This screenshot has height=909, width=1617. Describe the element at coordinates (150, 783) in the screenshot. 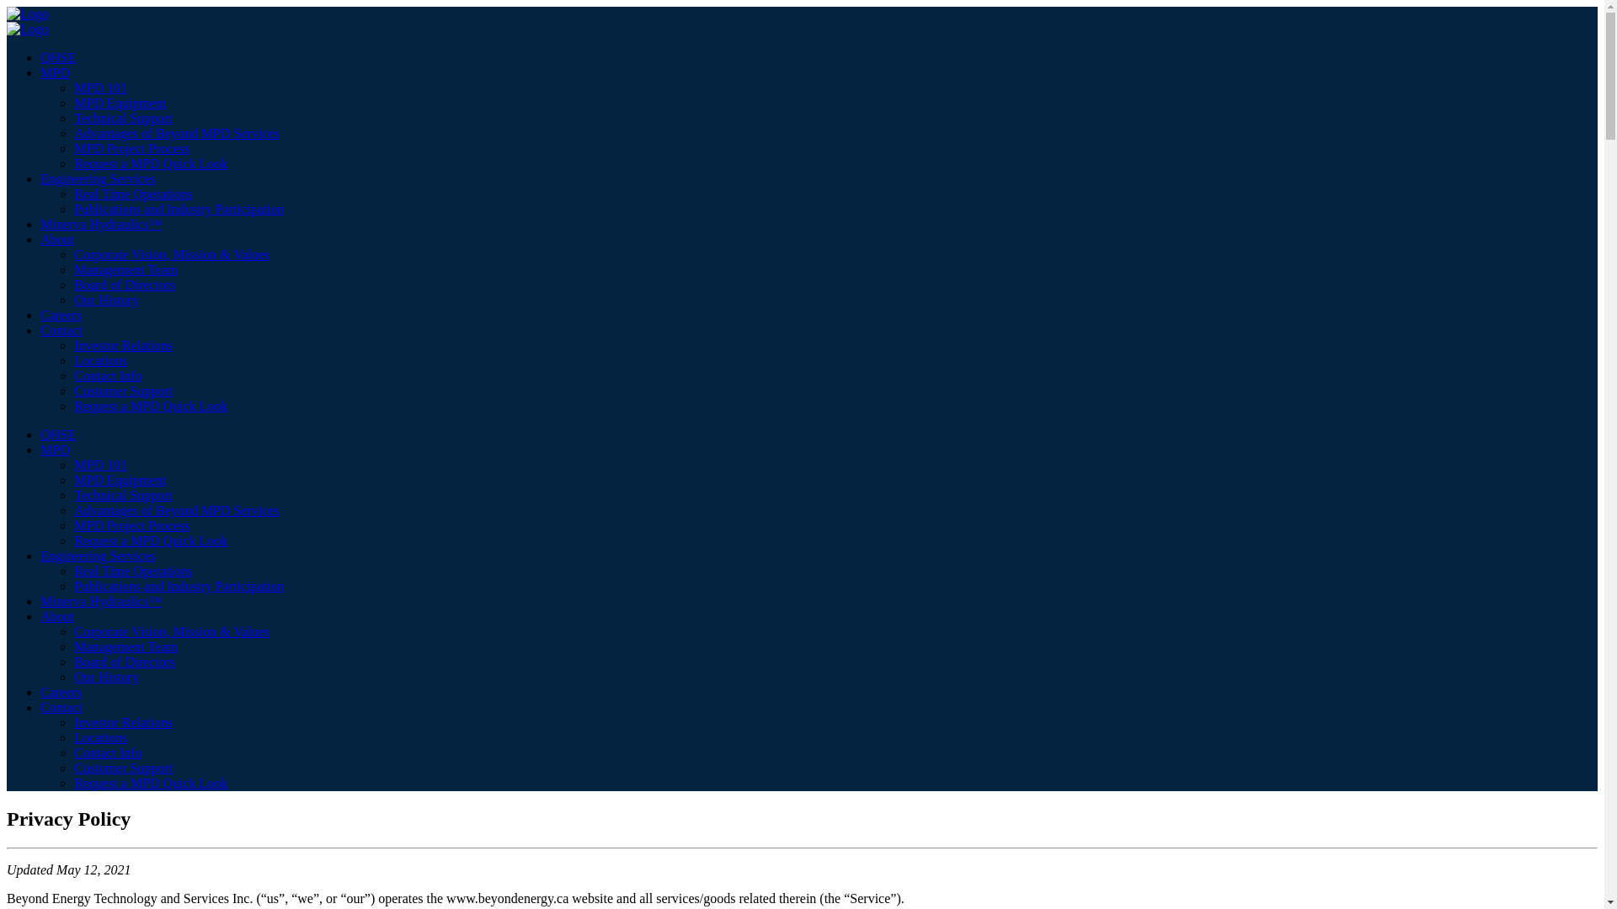

I see `'Request a MPD Quick Look'` at that location.